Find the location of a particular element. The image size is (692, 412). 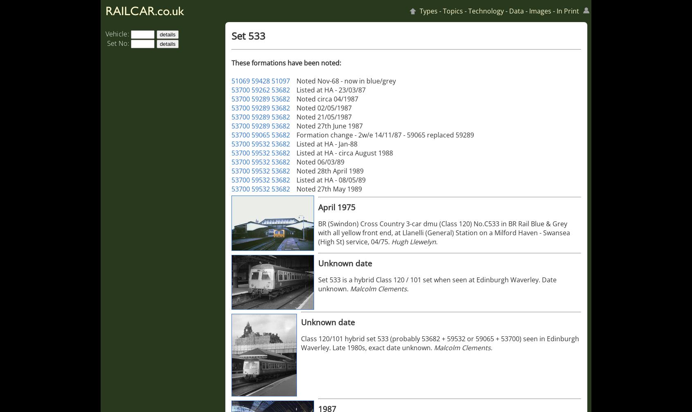

'Noted Nov-68 - now in blue/grey' is located at coordinates (346, 81).